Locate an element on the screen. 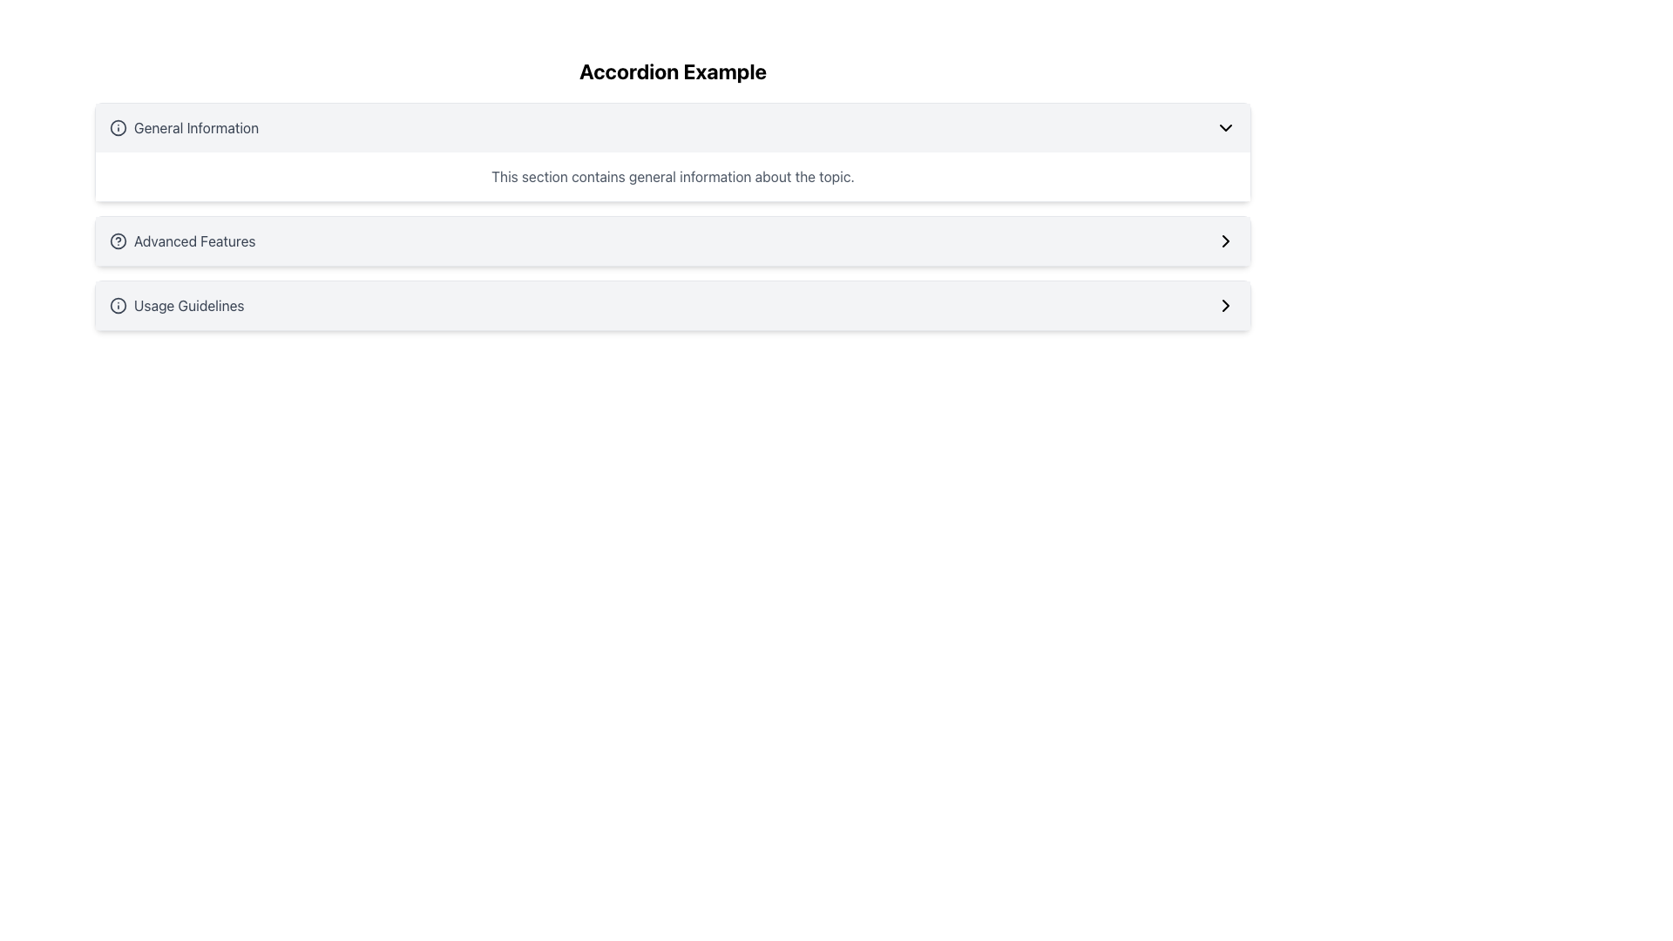 This screenshot has width=1673, height=941. the static text block displaying 'This section contains general information about the topic.' located in the expanded 'General Information' section of the accordion interface is located at coordinates (672, 177).